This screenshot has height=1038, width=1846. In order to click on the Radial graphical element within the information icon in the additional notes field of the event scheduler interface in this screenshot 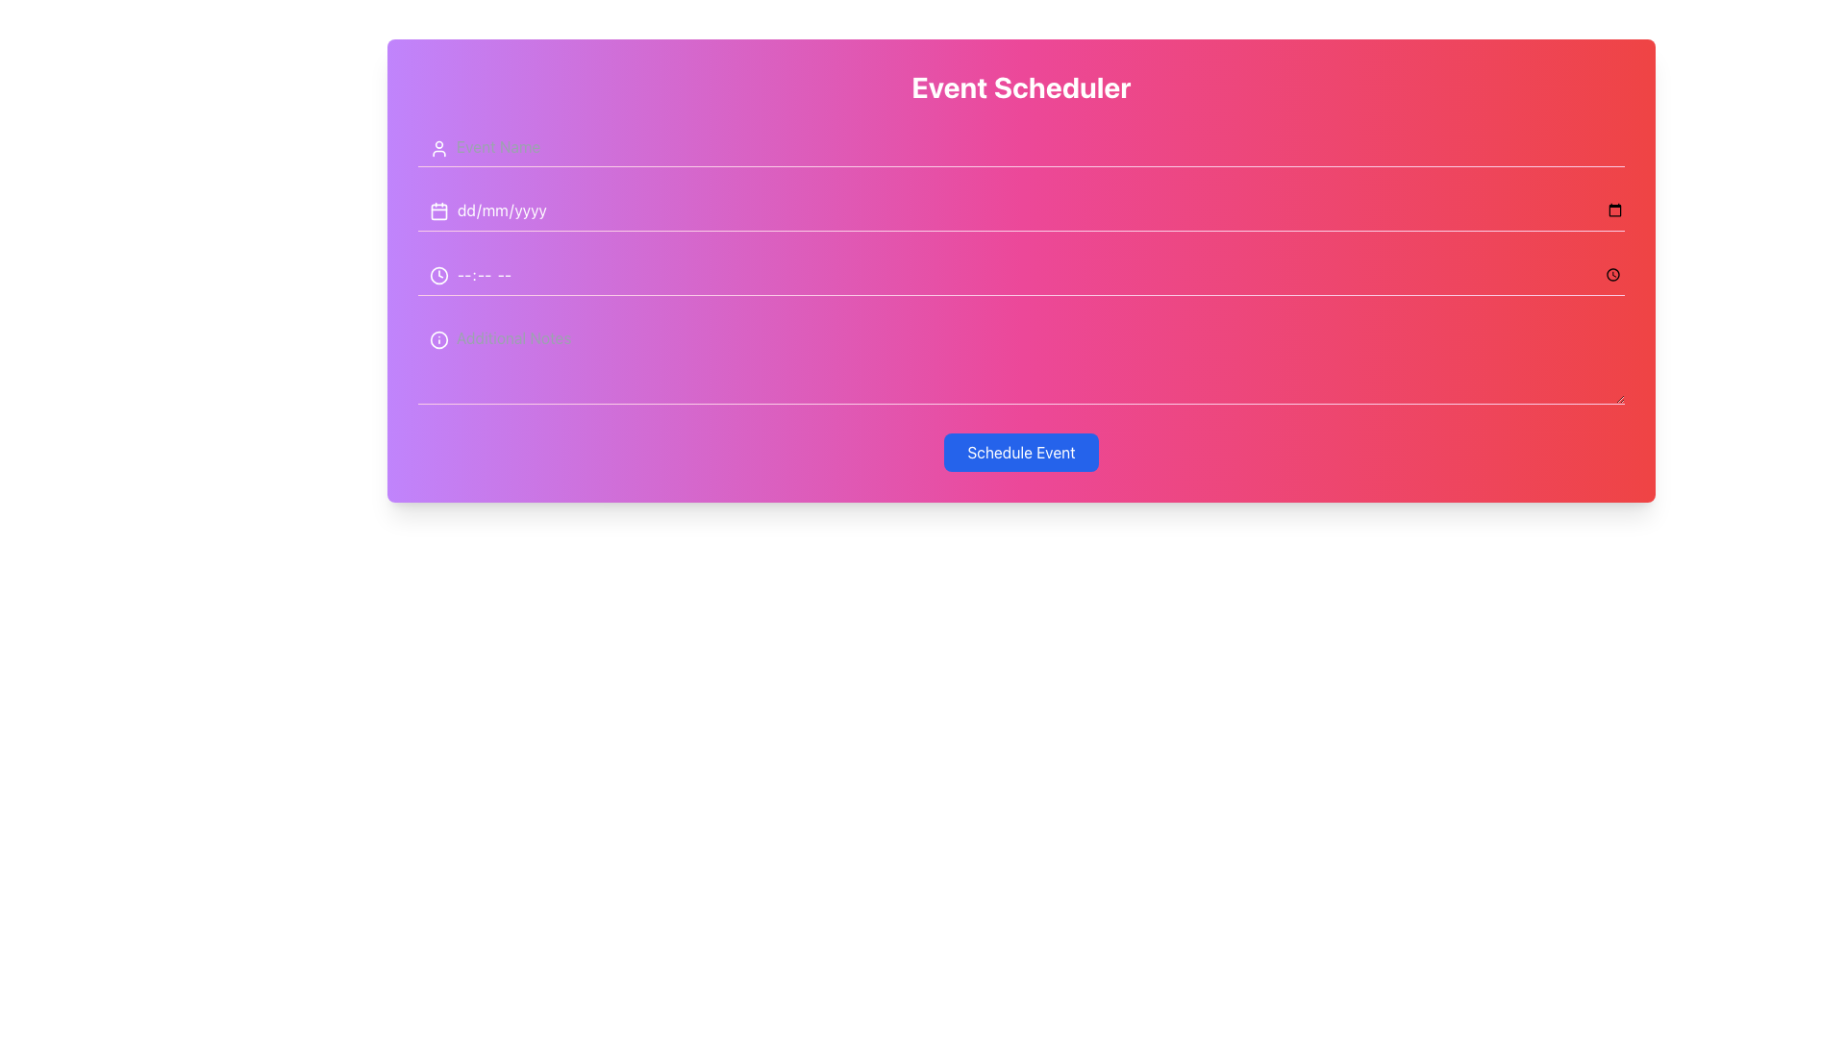, I will do `click(437, 339)`.